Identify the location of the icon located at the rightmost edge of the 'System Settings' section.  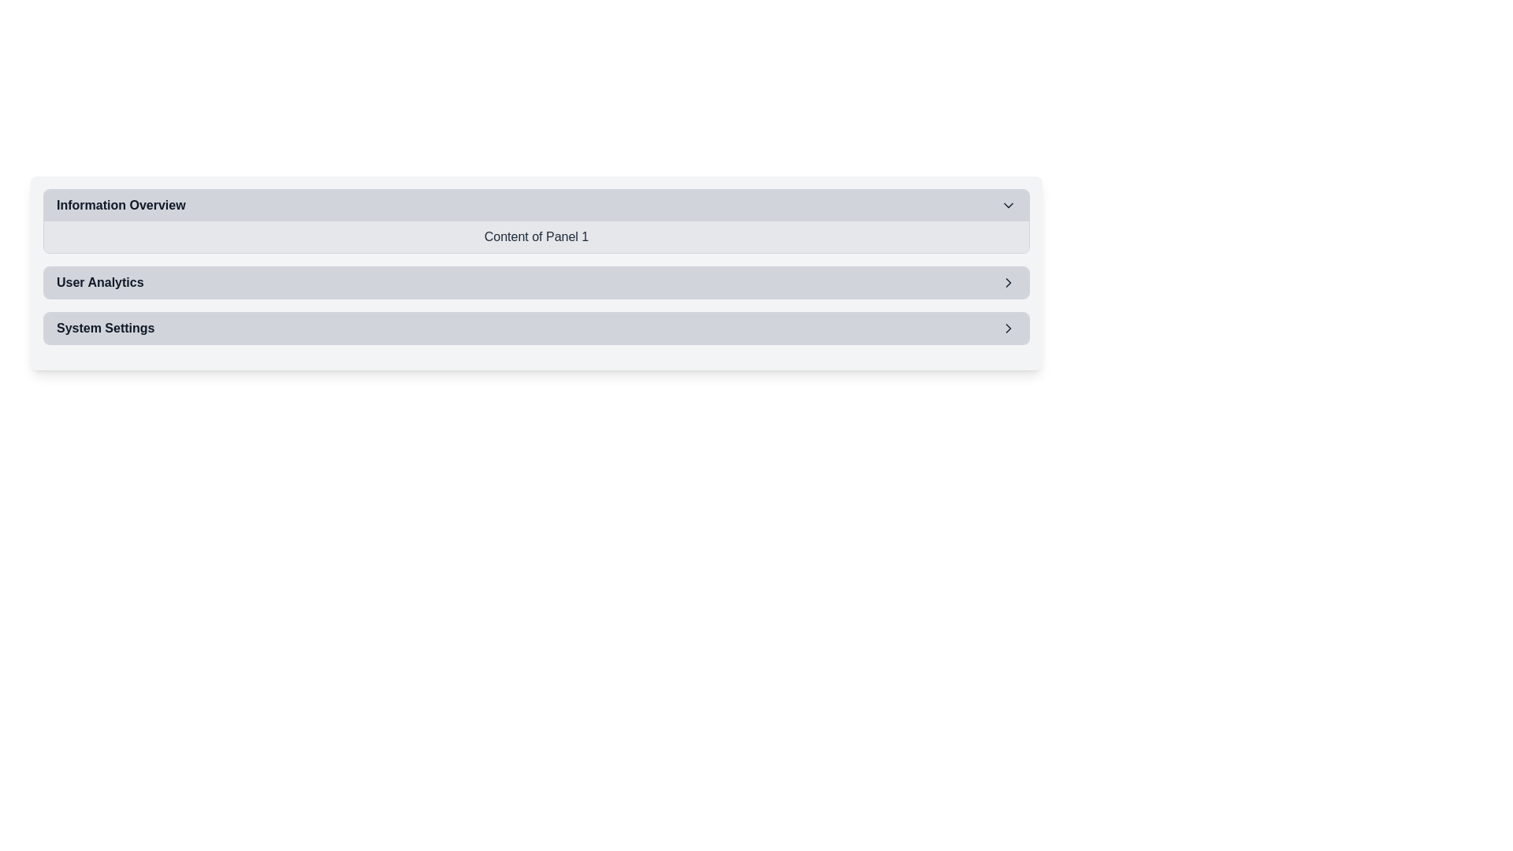
(1009, 327).